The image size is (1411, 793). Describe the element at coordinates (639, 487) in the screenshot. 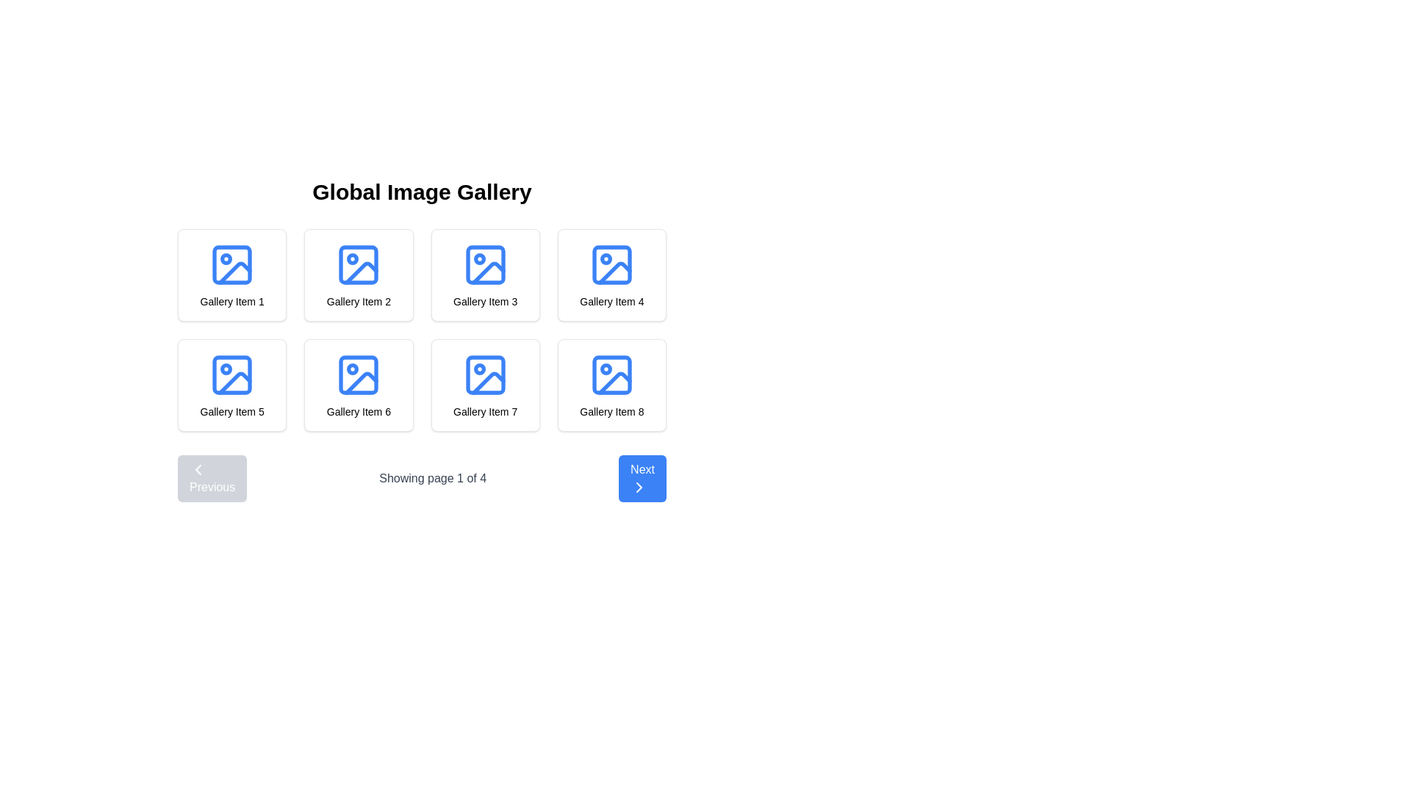

I see `the 'Next' button containing the right-arrow icon used for pagination at the bottom of the gallery interface` at that location.